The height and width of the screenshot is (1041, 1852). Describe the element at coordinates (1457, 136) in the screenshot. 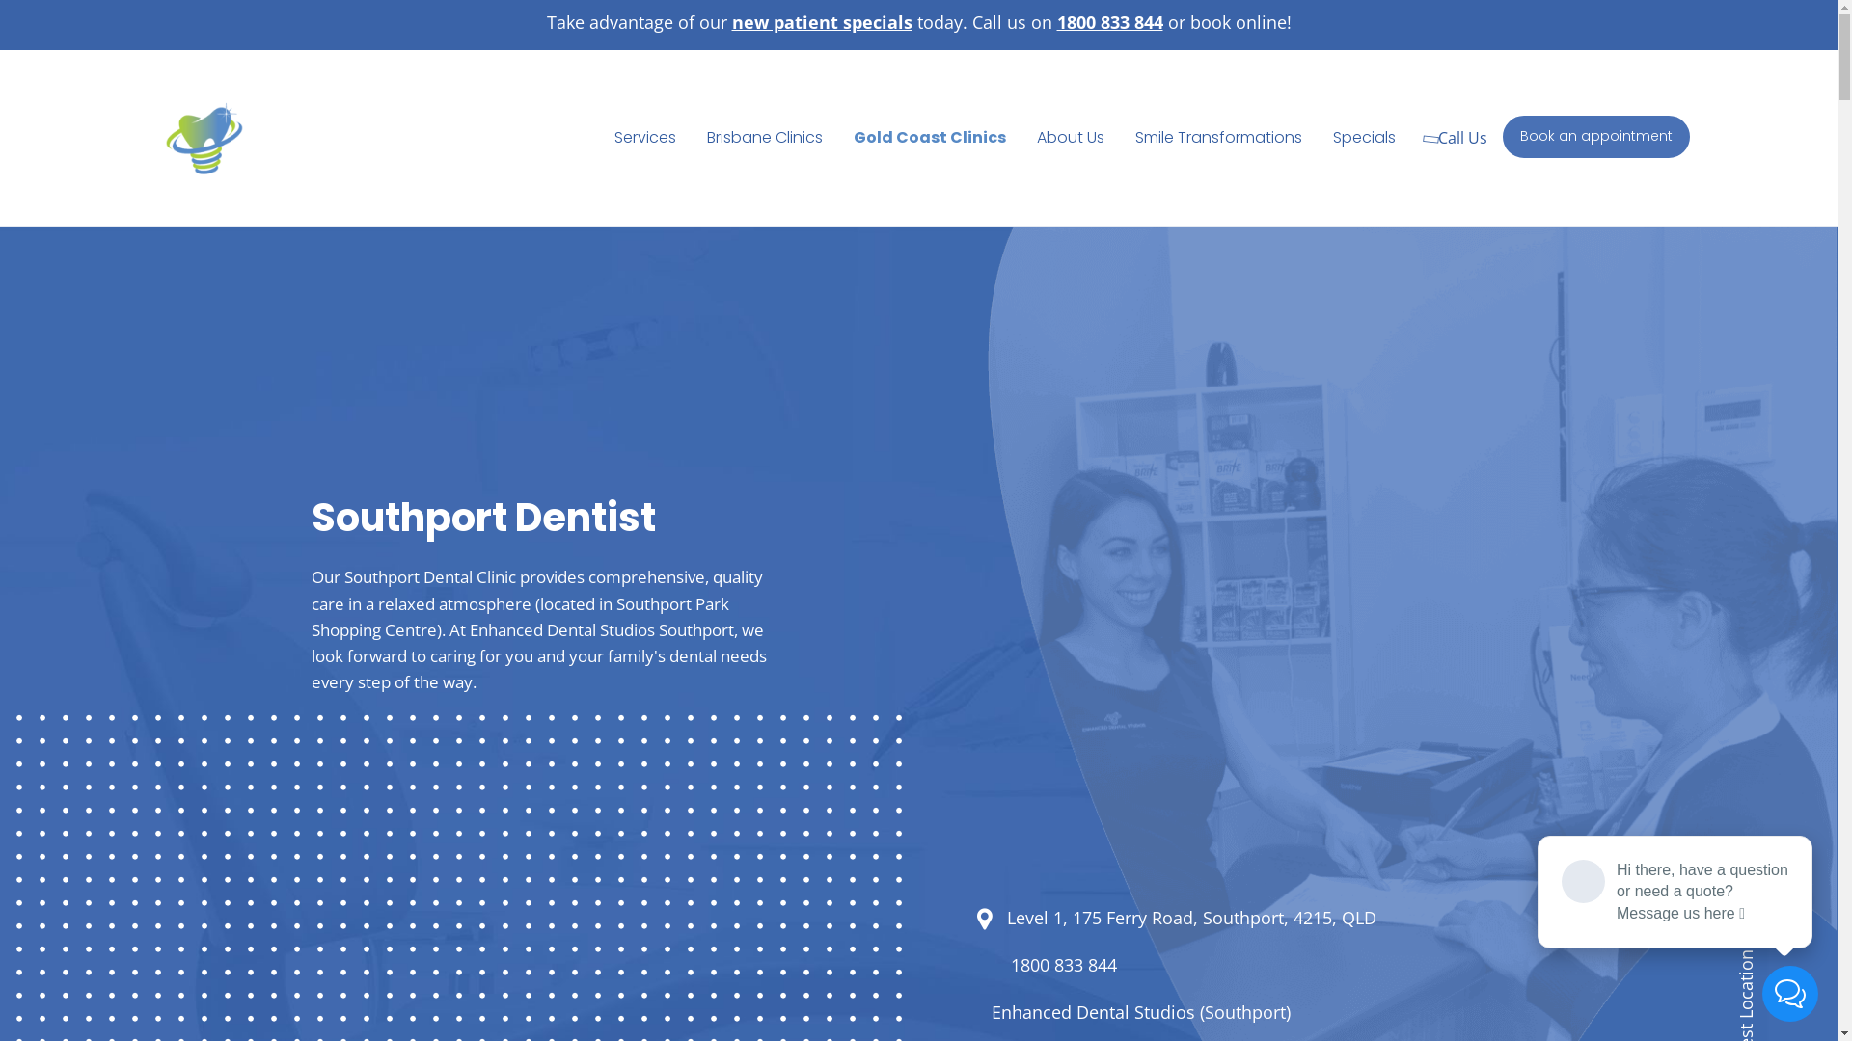

I see `'Call Us'` at that location.